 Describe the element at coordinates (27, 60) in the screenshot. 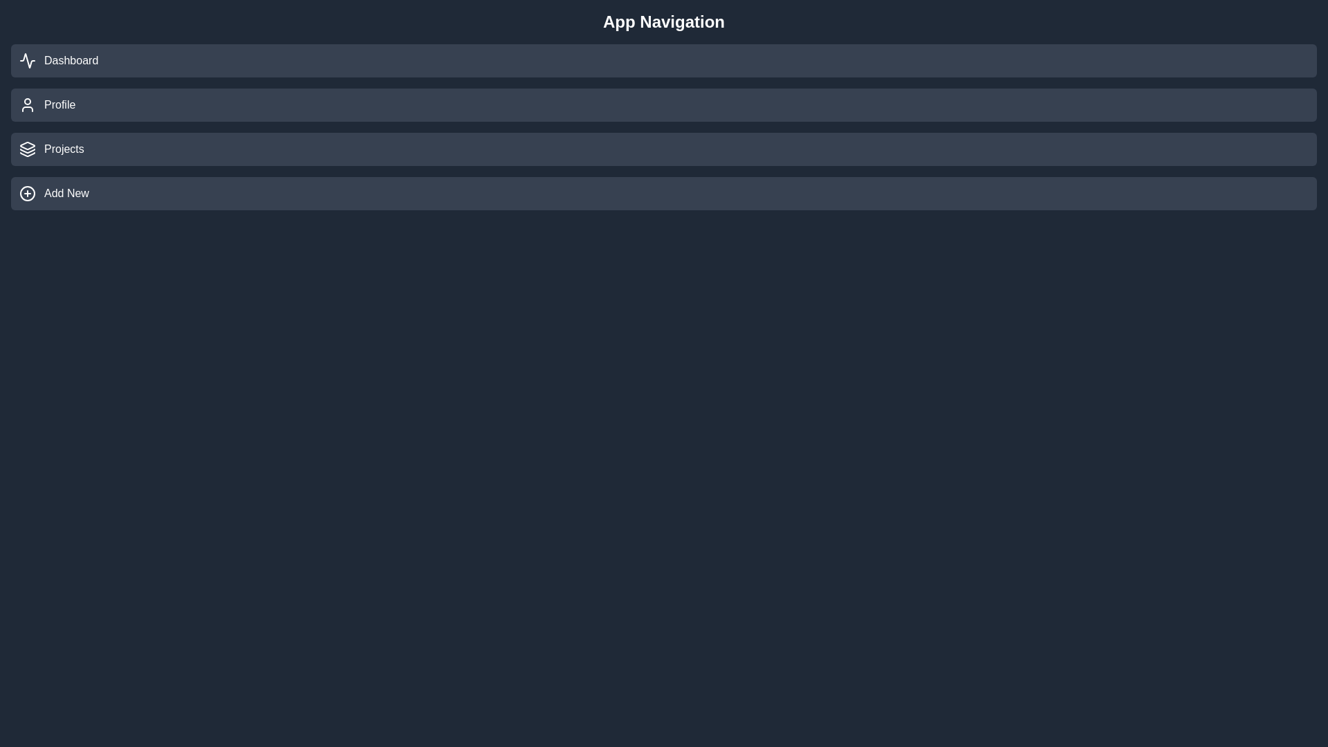

I see `the activity pulse icon within the 'Dashboard' navigation item, which is an SVG graphic located in the topmost section of a vertical list of navigation options` at that location.